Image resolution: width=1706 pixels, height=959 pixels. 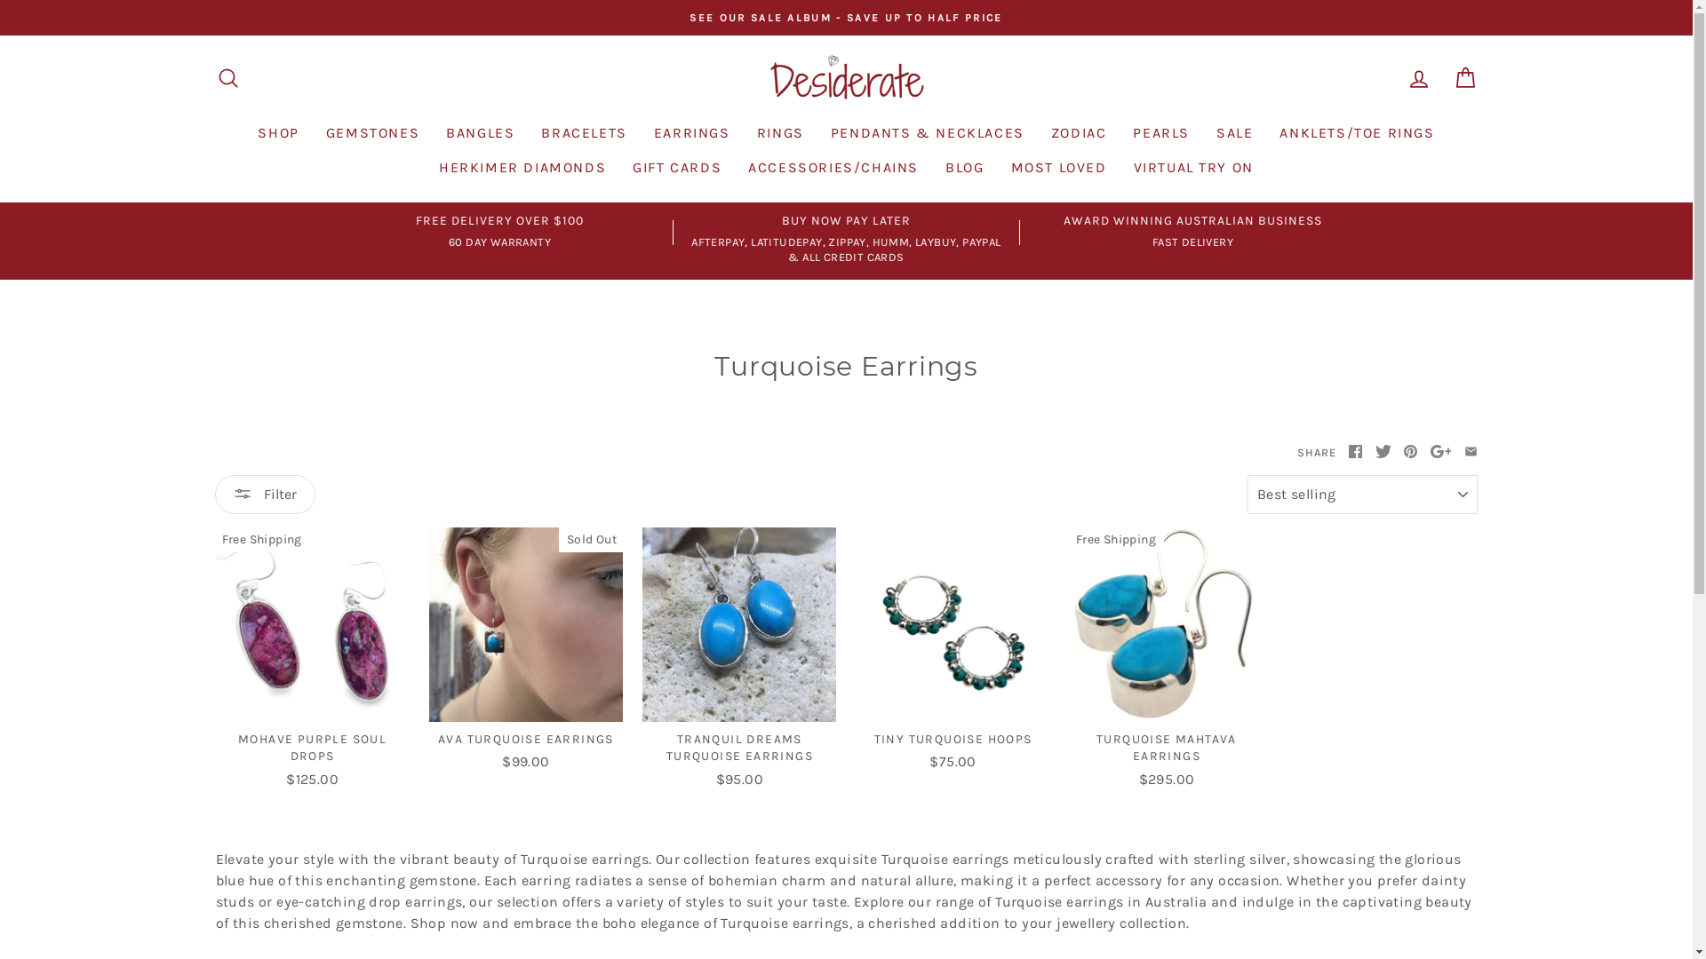 What do you see at coordinates (584, 131) in the screenshot?
I see `'BRACELETS'` at bounding box center [584, 131].